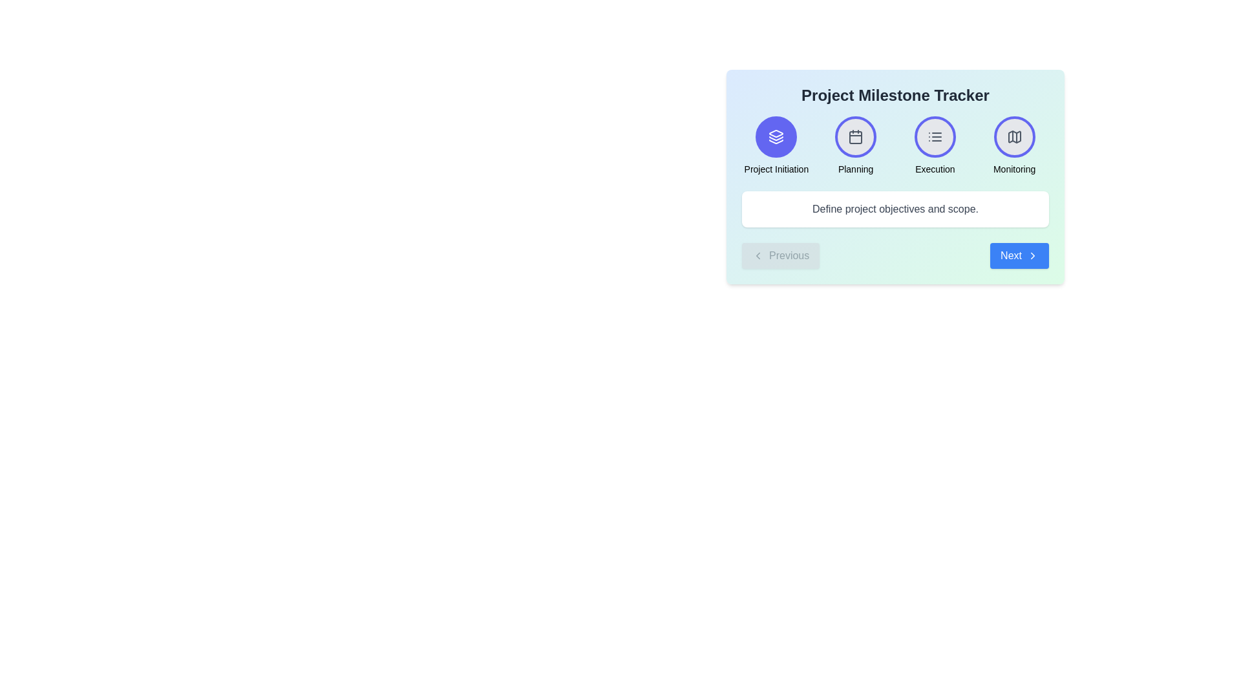  What do you see at coordinates (758, 256) in the screenshot?
I see `the directional icon located within the left portion of the 'Previous' button at the bottom-left corner of the interface` at bounding box center [758, 256].